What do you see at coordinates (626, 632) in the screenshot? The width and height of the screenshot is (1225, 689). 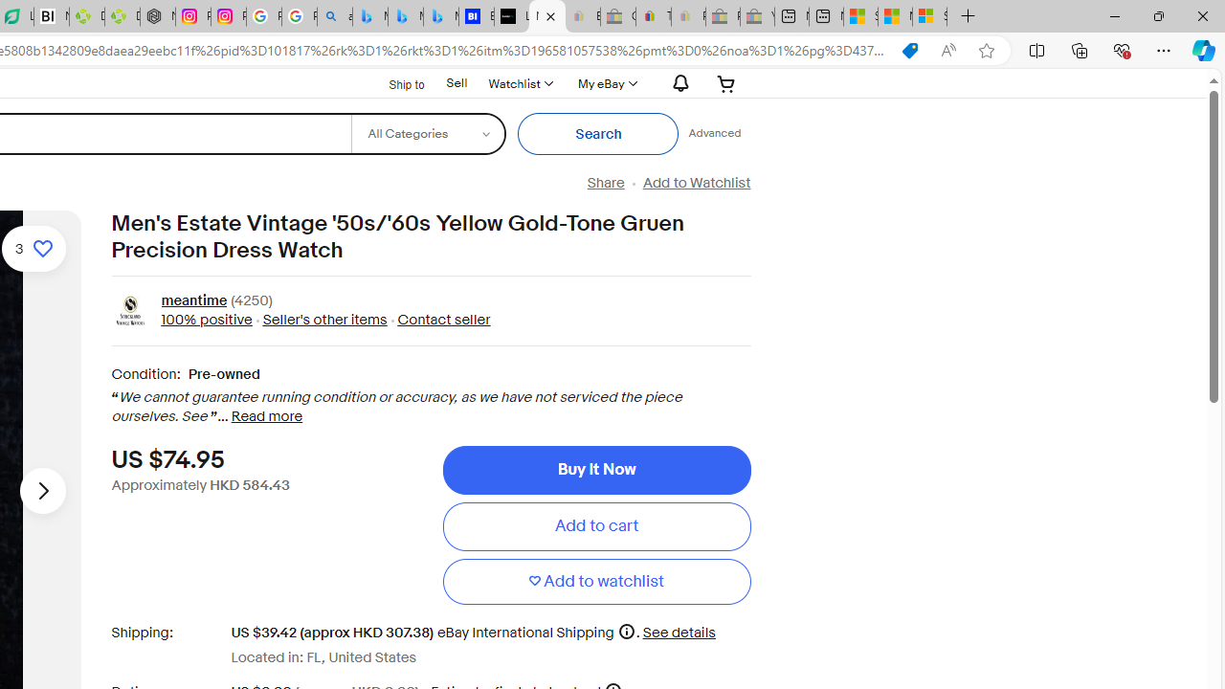 I see `'More information'` at bounding box center [626, 632].